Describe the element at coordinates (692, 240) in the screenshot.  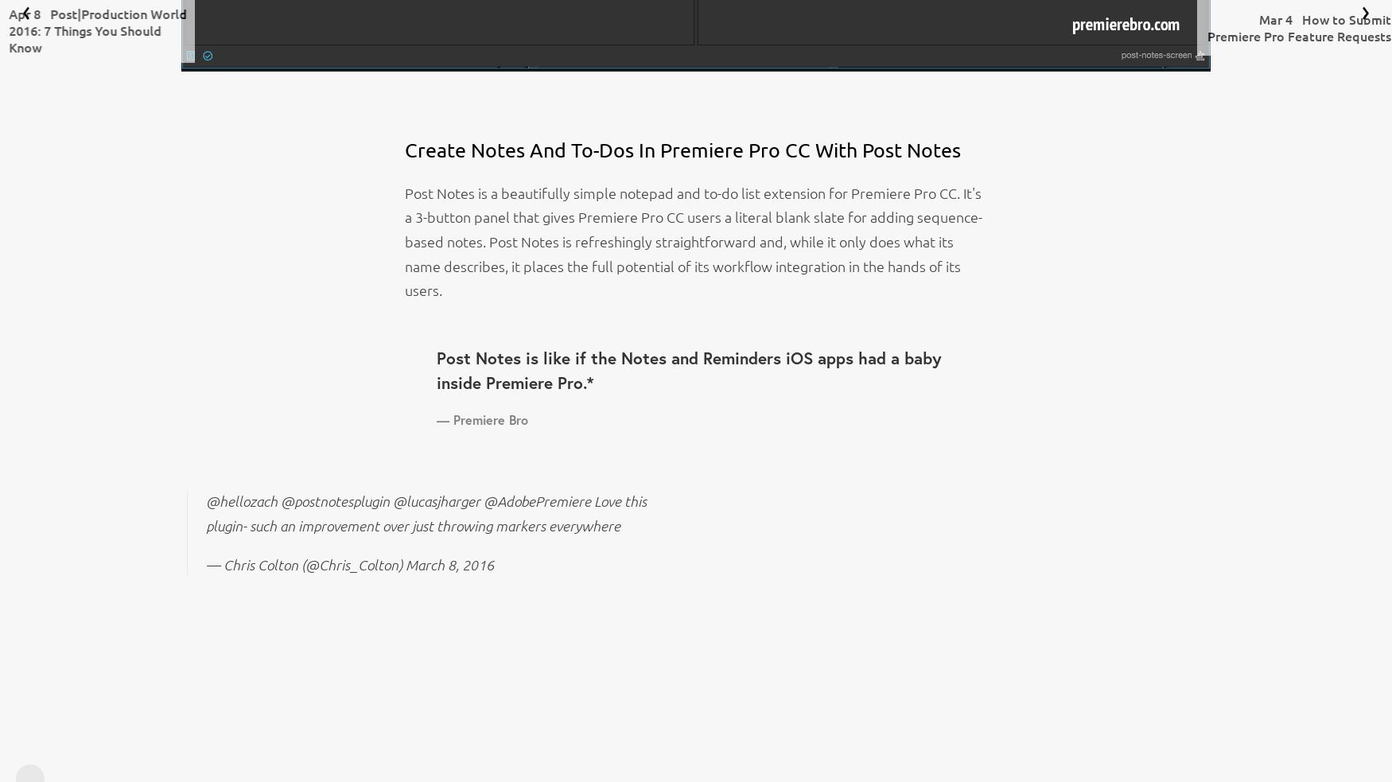
I see `'Post Notes is a beautifully simple notepad and to-do list extension for Premiere Pro CC. It's a 3-button panel that gives Premiere Pro CC users a literal blank slate for adding sequence-based notes. Post Notes is refreshingly straightforward and, while it only does what its name describes, it places the full potential of its workflow integration in the hands of its users.'` at that location.